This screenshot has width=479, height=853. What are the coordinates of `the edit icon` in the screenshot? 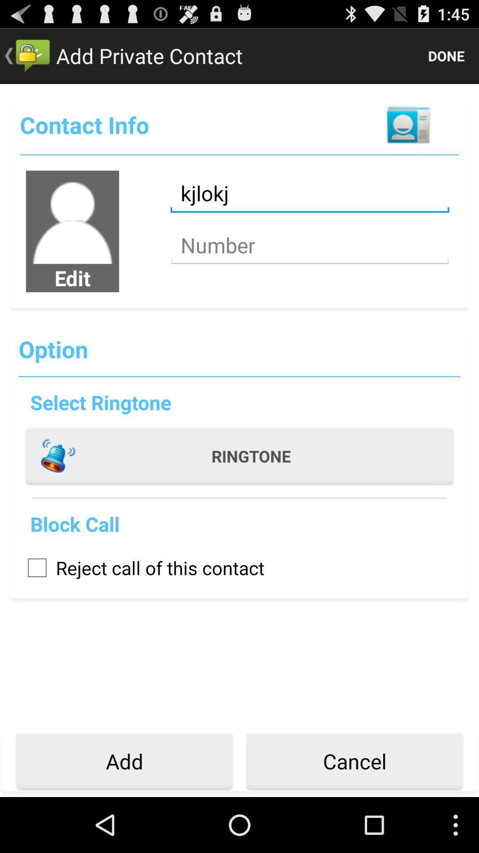 It's located at (72, 277).